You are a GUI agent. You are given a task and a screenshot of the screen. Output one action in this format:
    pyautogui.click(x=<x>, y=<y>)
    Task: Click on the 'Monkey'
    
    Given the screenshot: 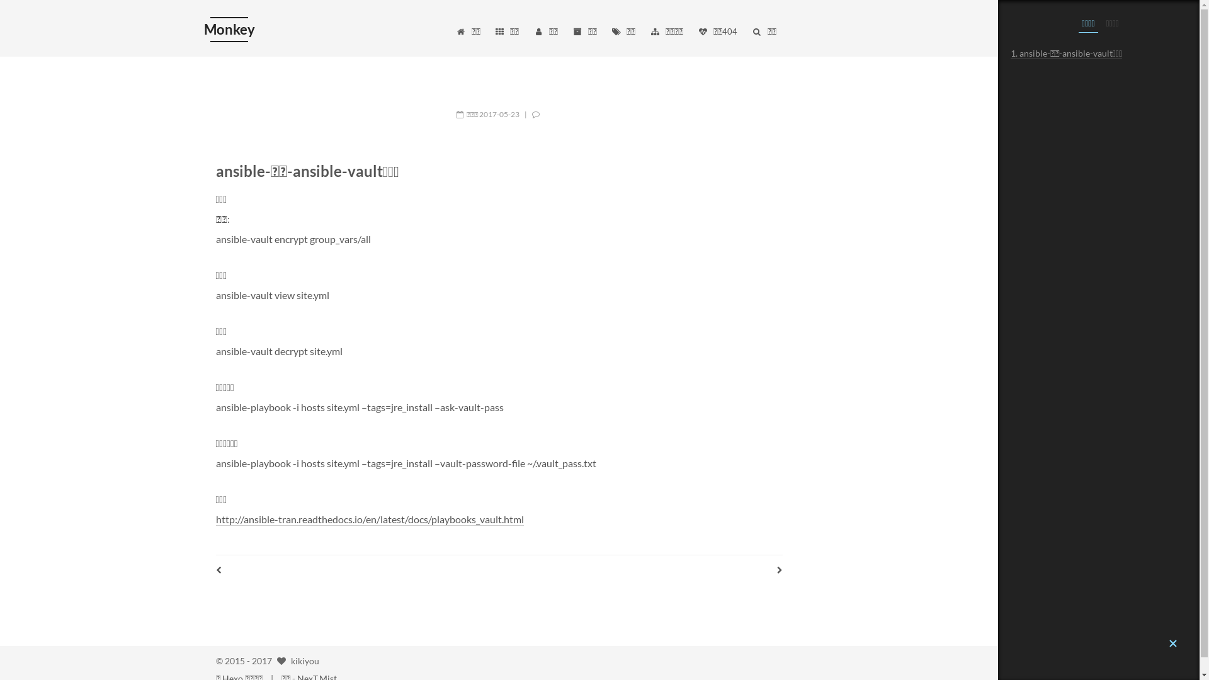 What is the action you would take?
    pyautogui.click(x=229, y=28)
    